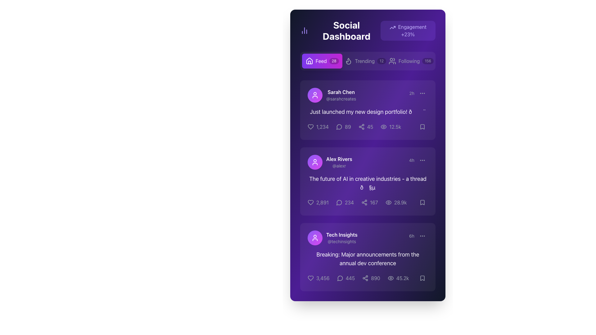  Describe the element at coordinates (305, 31) in the screenshot. I see `the statistics icon located to the left of the 'Social Dashboard' text in the header section` at that location.